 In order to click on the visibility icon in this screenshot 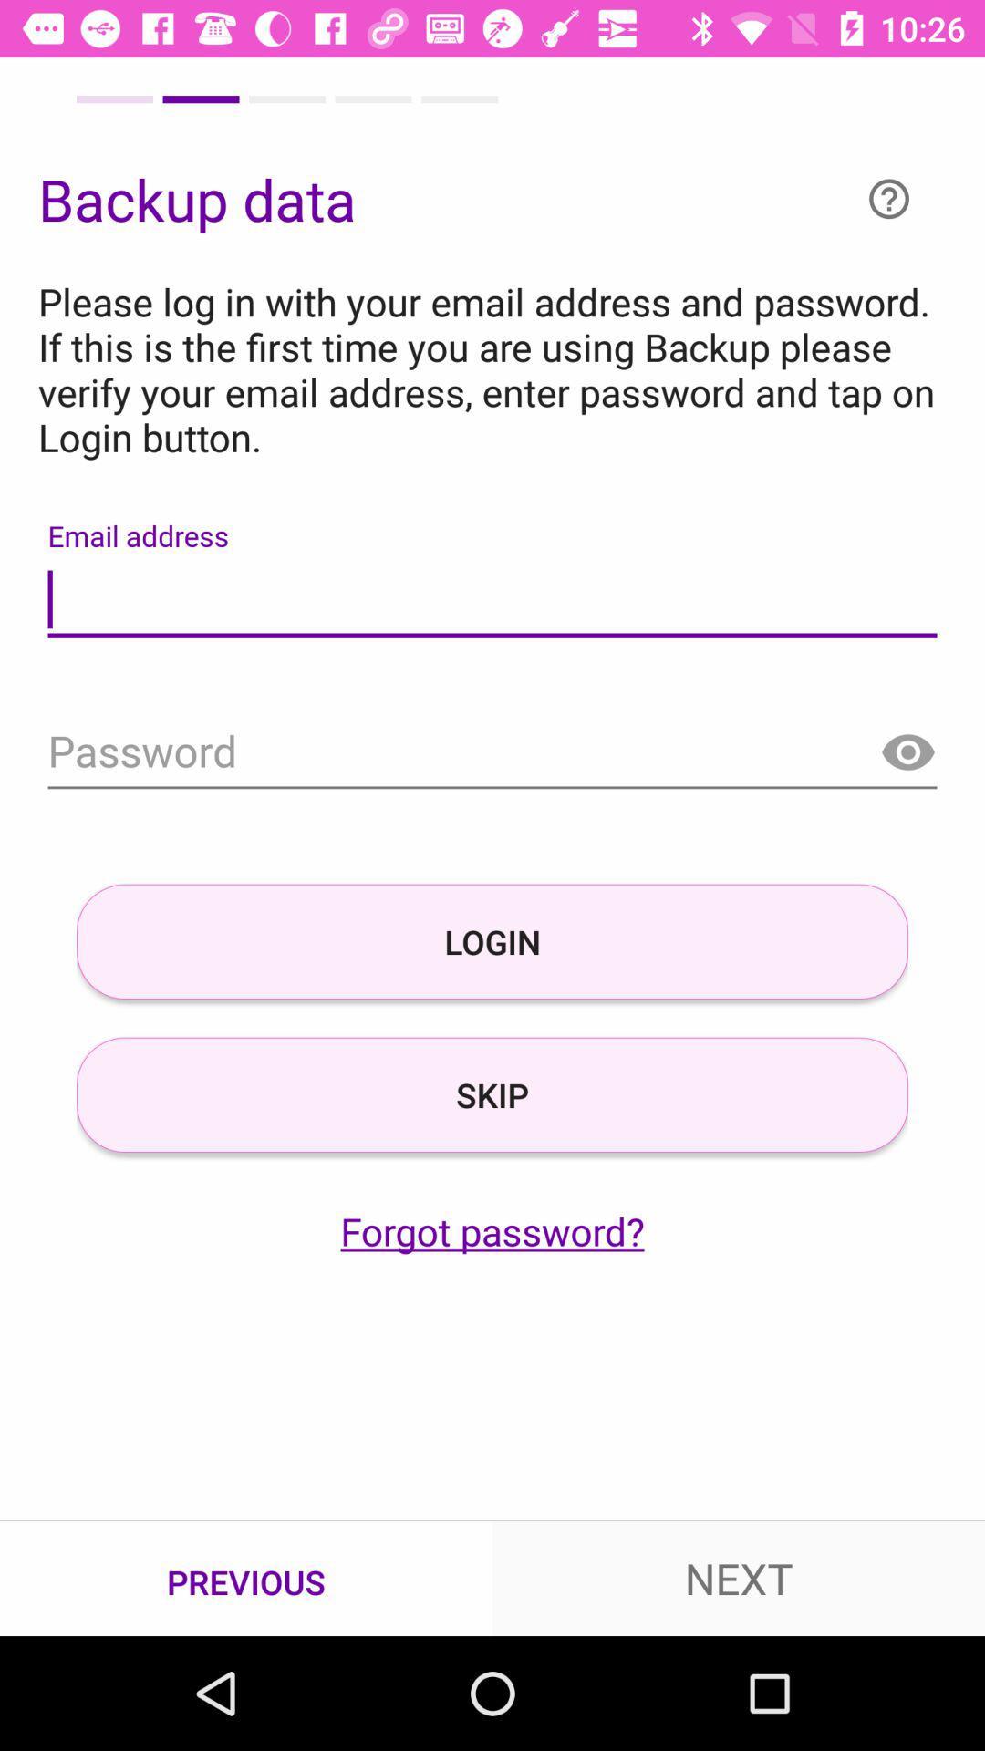, I will do `click(907, 753)`.